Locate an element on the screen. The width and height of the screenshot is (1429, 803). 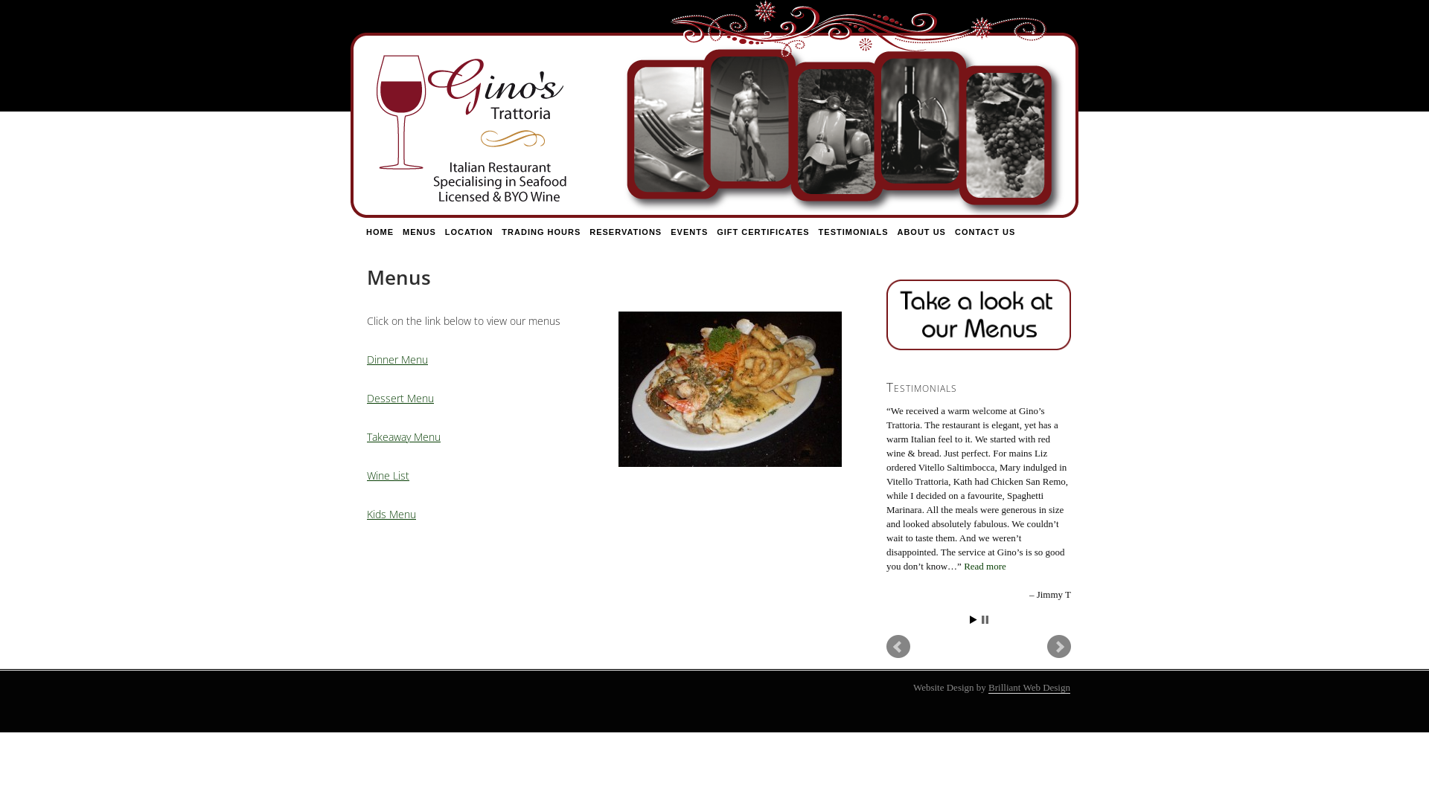
'TESTIMONIALS' is located at coordinates (854, 232).